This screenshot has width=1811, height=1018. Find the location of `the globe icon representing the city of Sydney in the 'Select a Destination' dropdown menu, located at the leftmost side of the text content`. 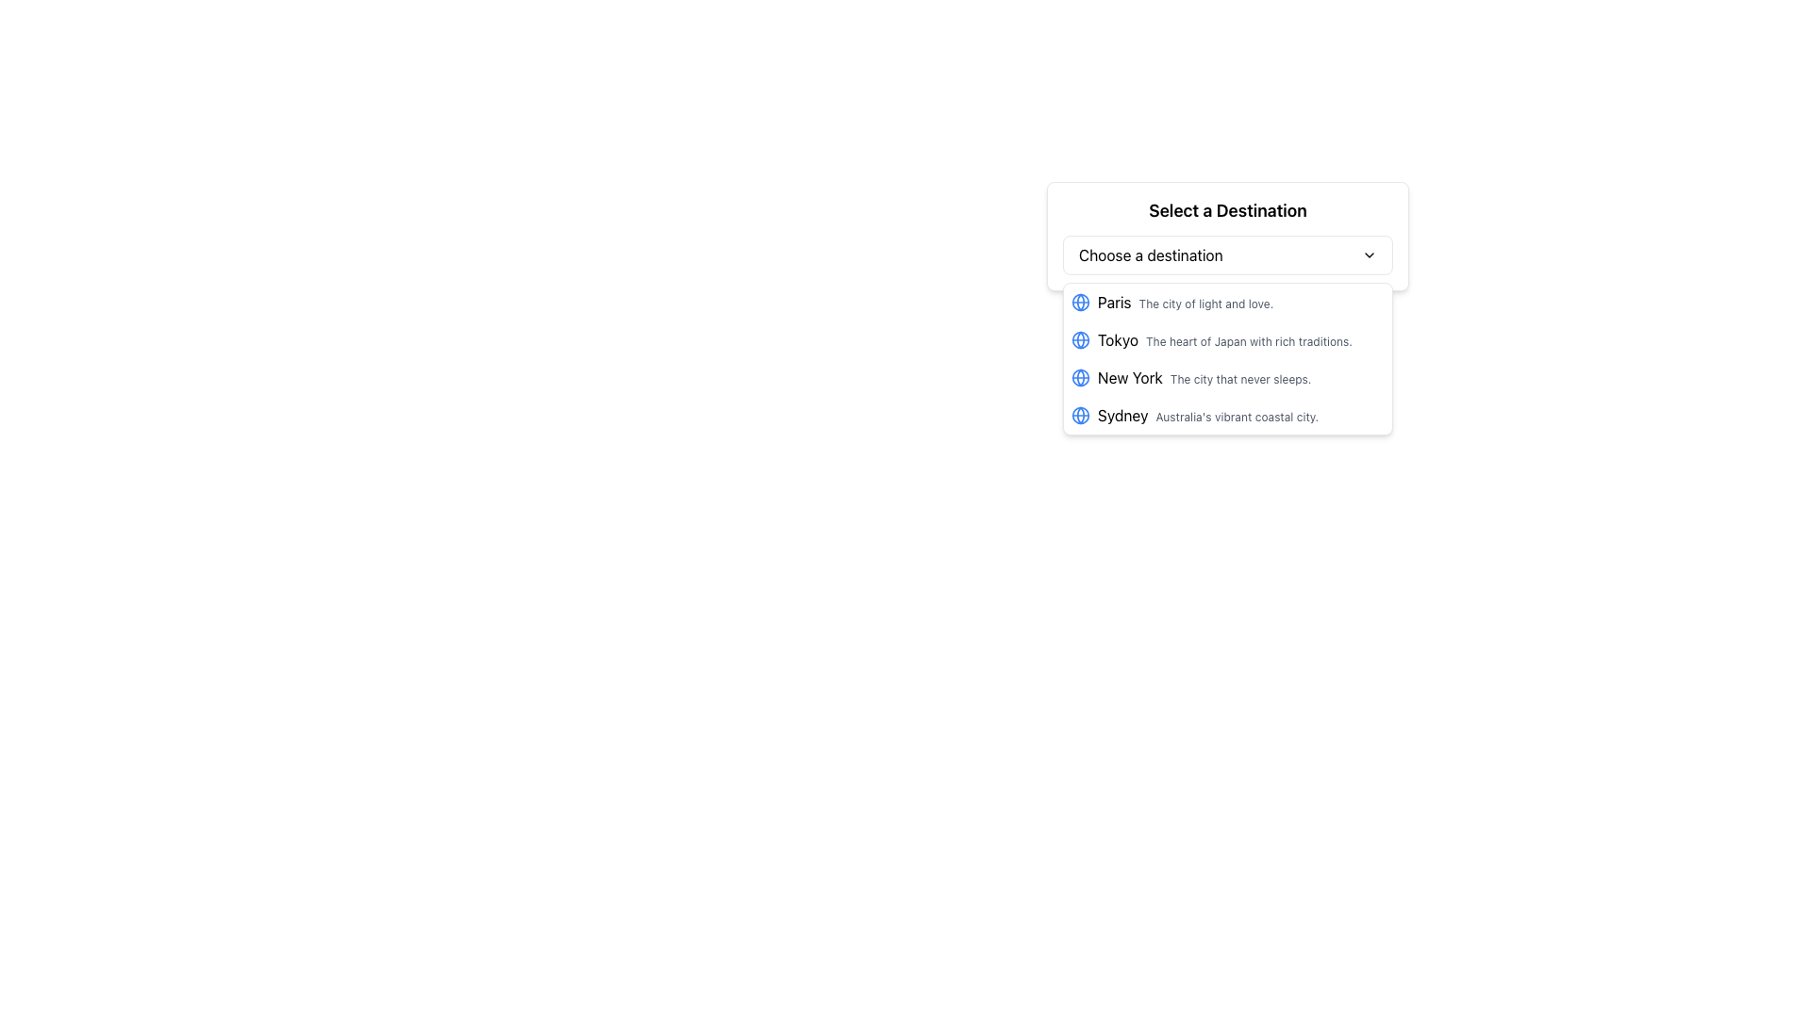

the globe icon representing the city of Sydney in the 'Select a Destination' dropdown menu, located at the leftmost side of the text content is located at coordinates (1081, 414).